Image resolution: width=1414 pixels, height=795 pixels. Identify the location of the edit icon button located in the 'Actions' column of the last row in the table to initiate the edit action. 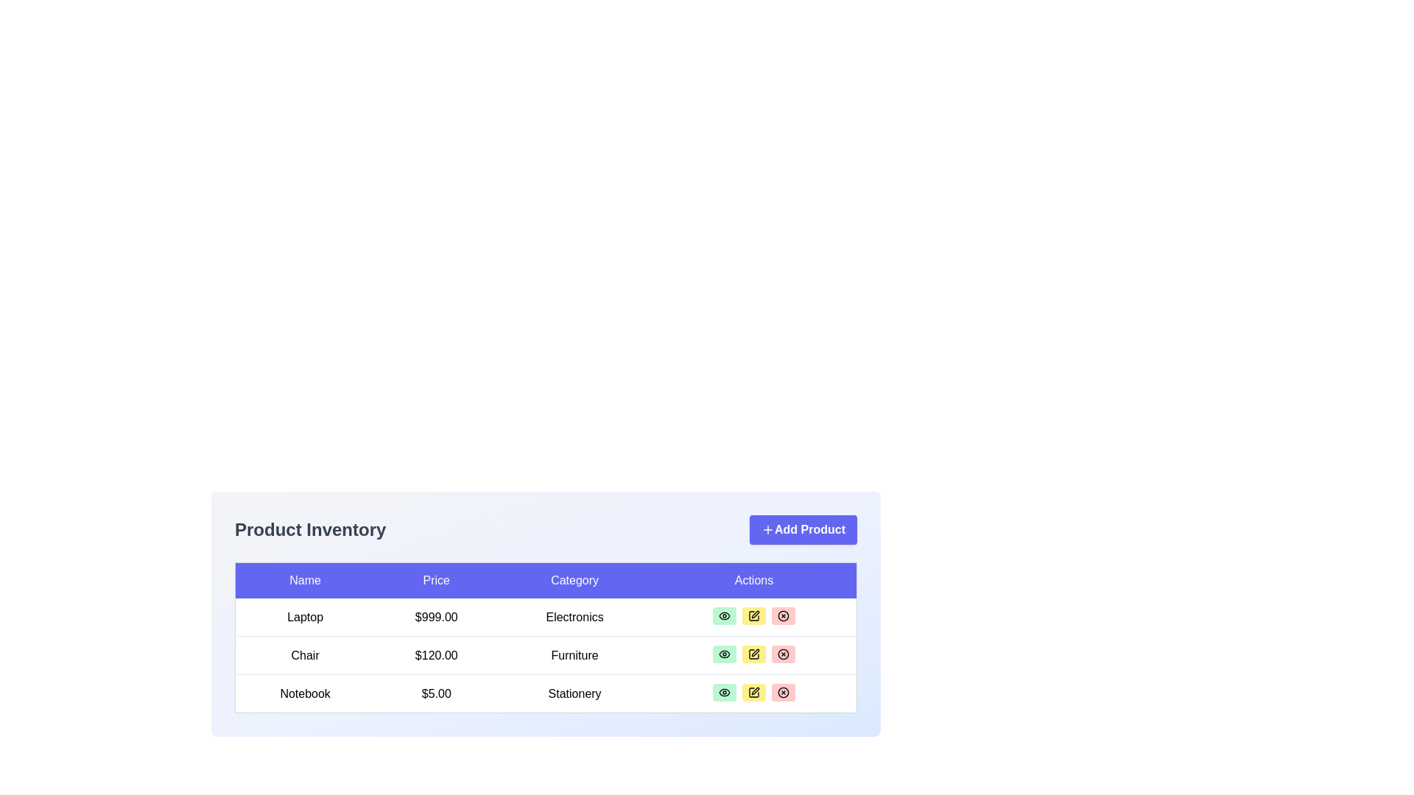
(755, 690).